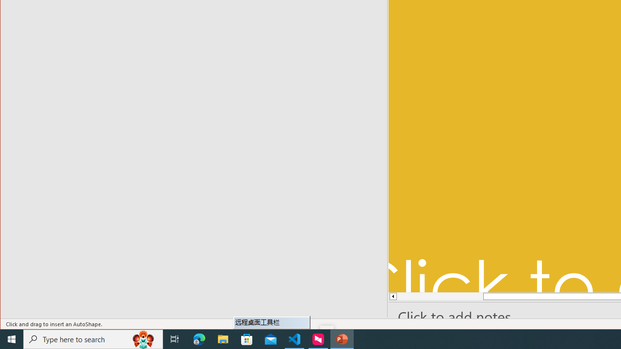 This screenshot has width=621, height=349. Describe the element at coordinates (143, 338) in the screenshot. I see `'Search highlights icon opens search home window'` at that location.